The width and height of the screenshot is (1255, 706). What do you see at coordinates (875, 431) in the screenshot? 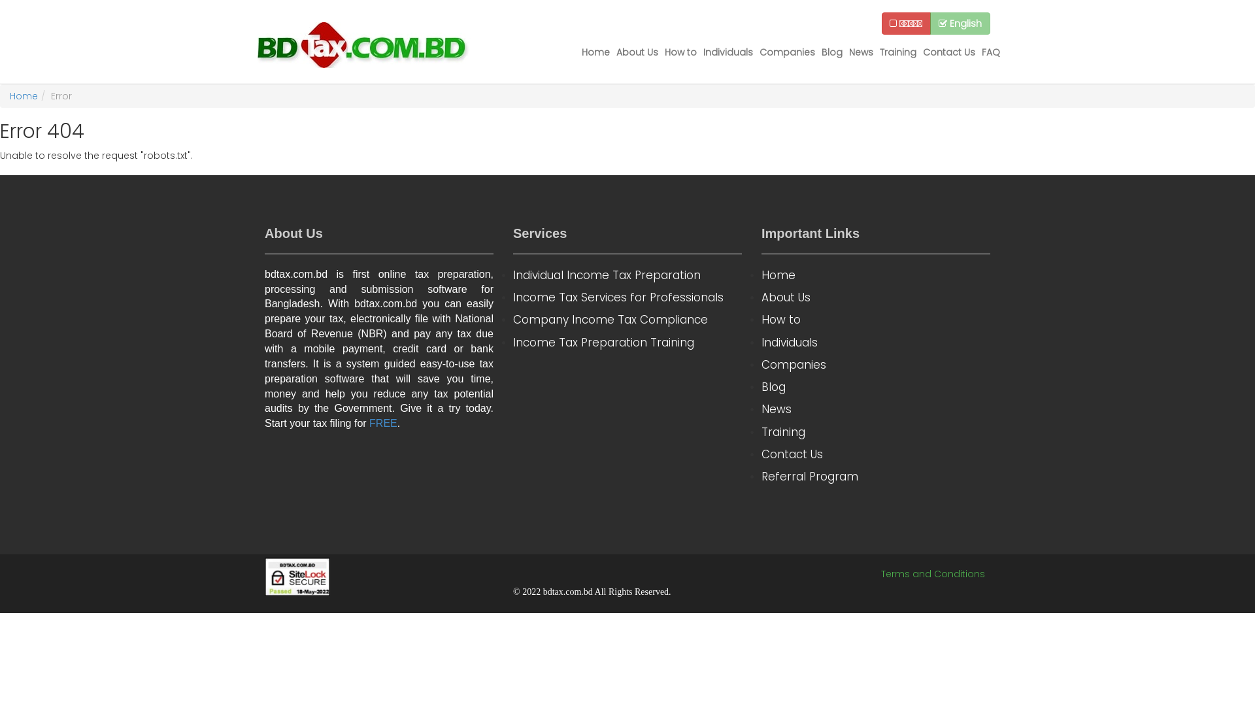
I see `'Training'` at bounding box center [875, 431].